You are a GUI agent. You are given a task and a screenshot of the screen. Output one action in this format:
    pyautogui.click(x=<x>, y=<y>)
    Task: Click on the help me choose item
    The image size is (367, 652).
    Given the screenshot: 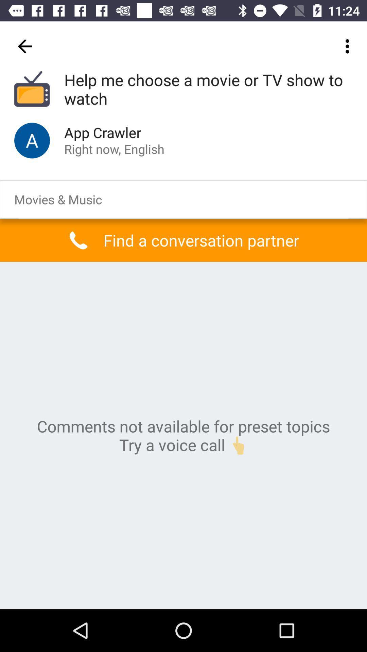 What is the action you would take?
    pyautogui.click(x=208, y=89)
    